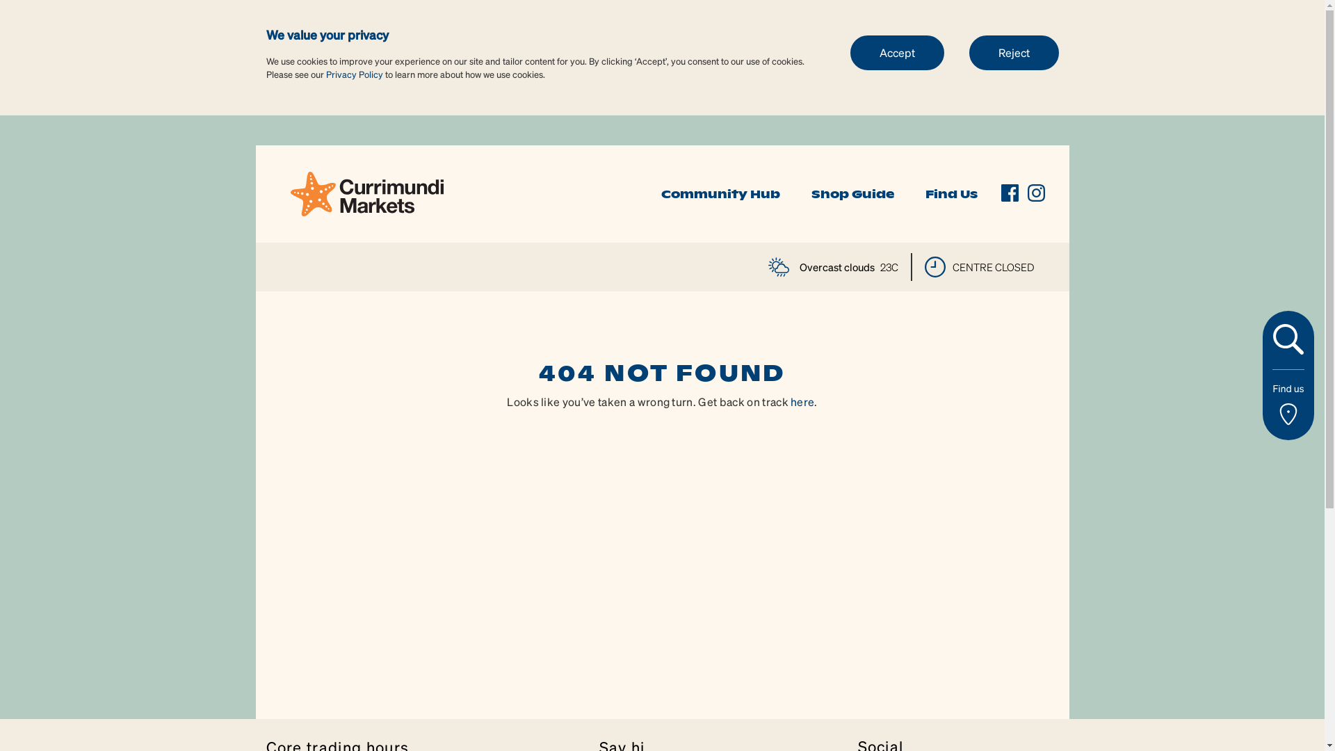 The height and width of the screenshot is (751, 1335). What do you see at coordinates (720, 194) in the screenshot?
I see `'Community Hub'` at bounding box center [720, 194].